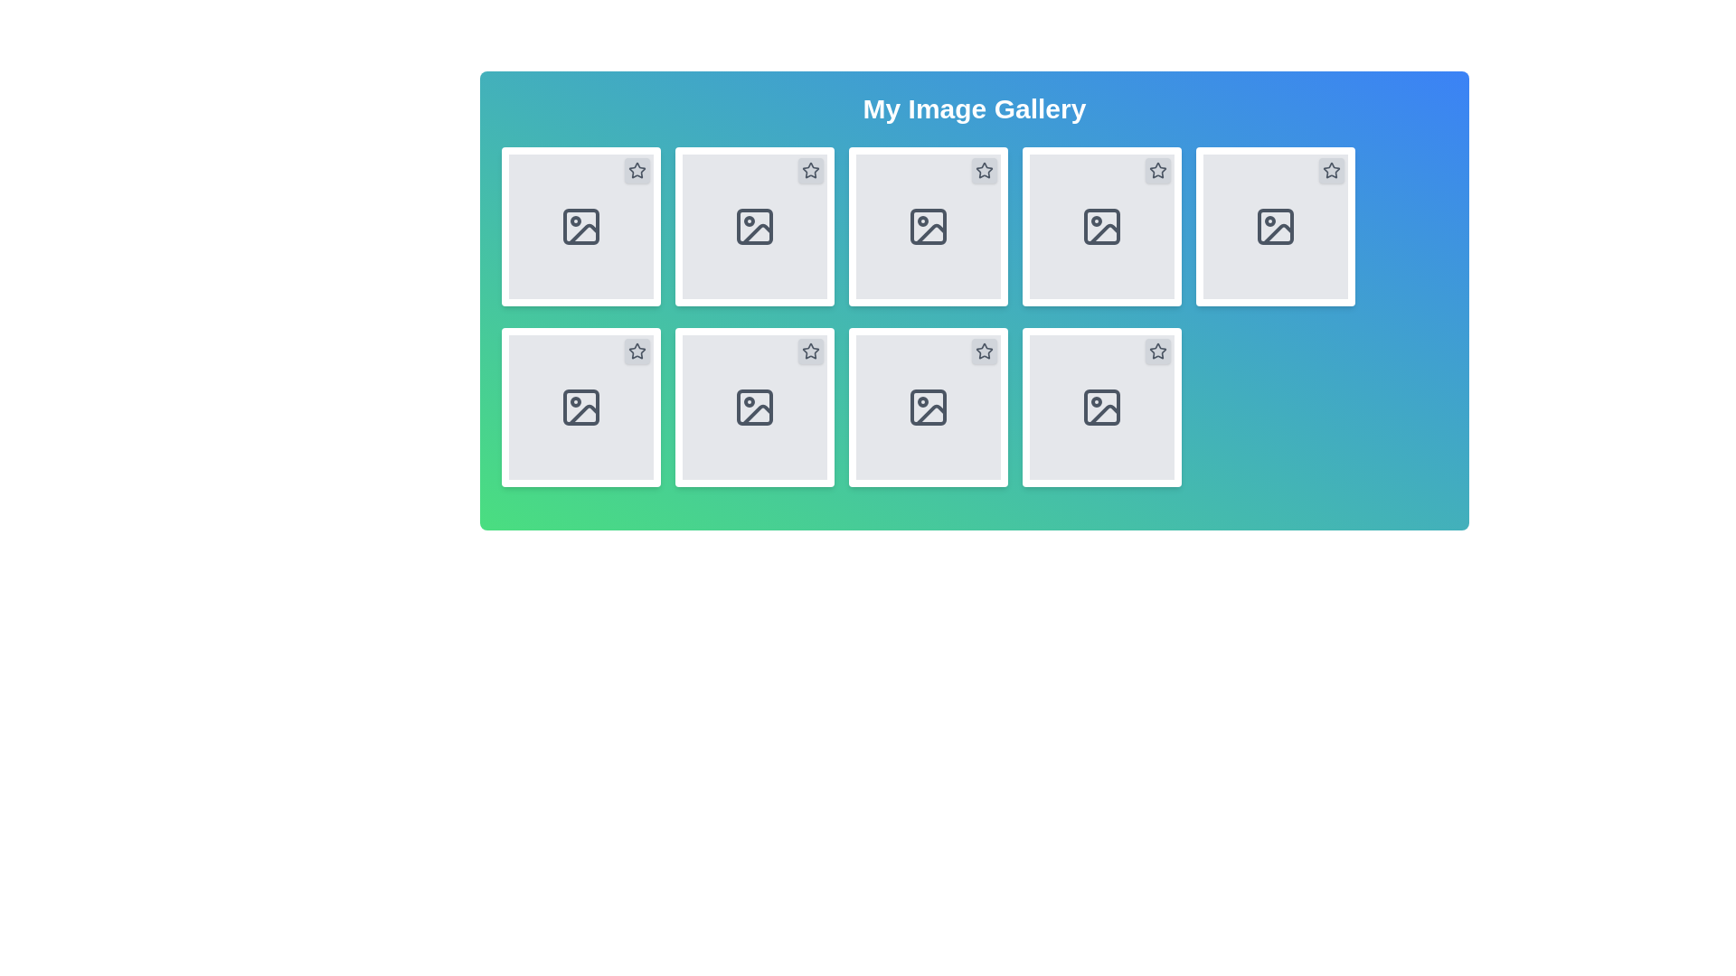 This screenshot has height=976, width=1736. Describe the element at coordinates (637, 170) in the screenshot. I see `the star icon button in the top-right corner of the image card` at that location.